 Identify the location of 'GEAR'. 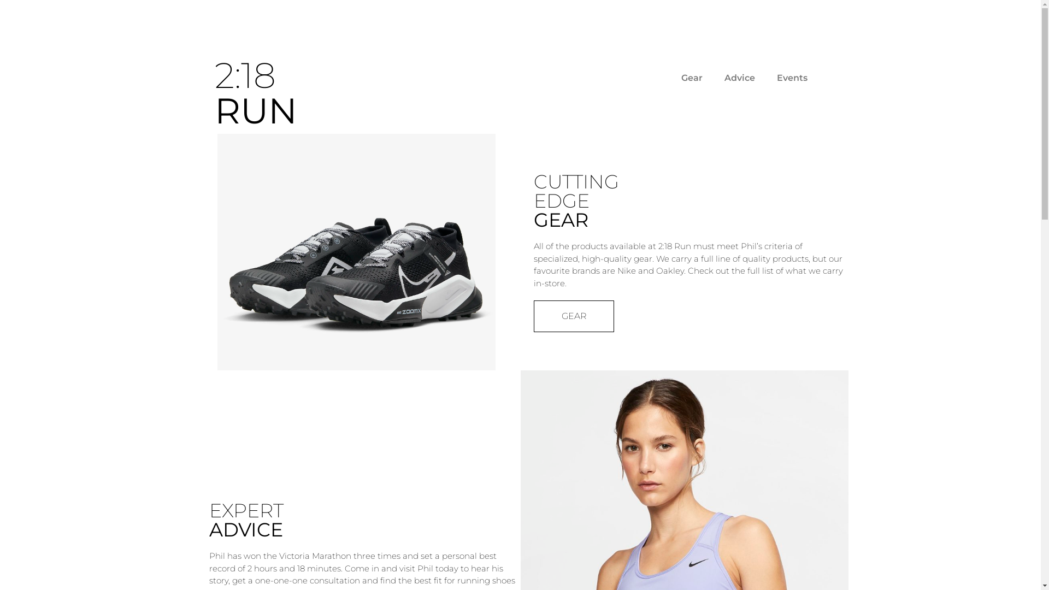
(573, 316).